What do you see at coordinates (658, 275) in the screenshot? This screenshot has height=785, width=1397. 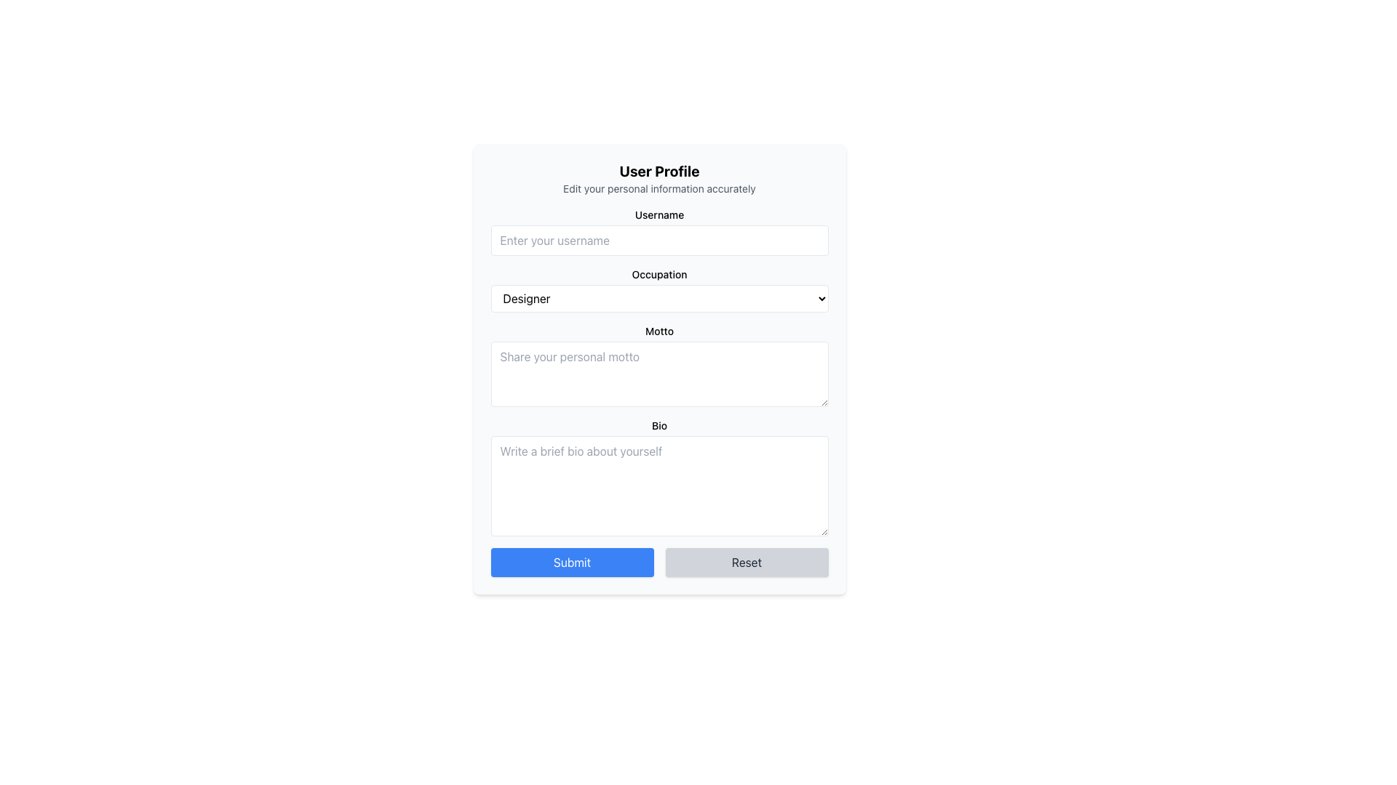 I see `the label that guides the user to select their occupation, positioned above the dropdown menu for occupation options` at bounding box center [658, 275].